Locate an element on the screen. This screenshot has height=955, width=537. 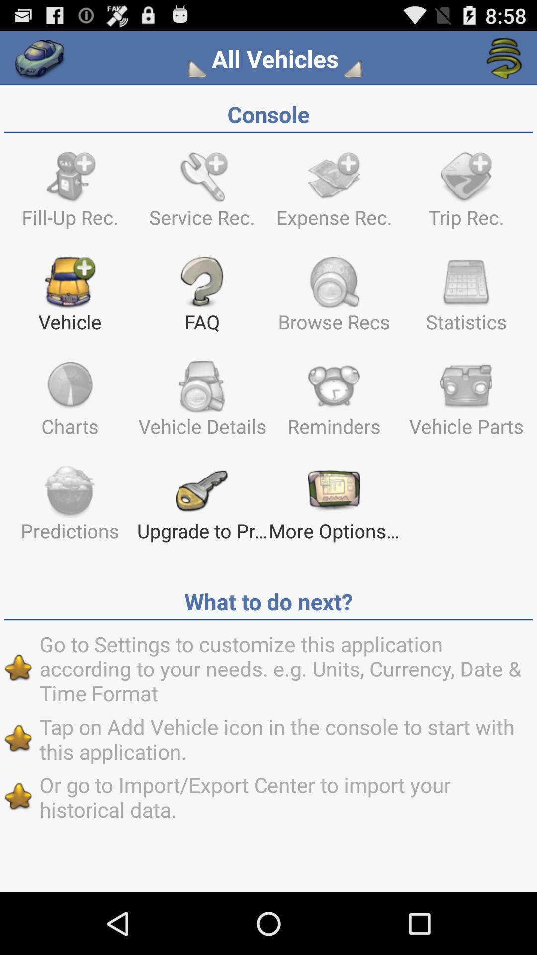
the app on the right is located at coordinates (466, 403).